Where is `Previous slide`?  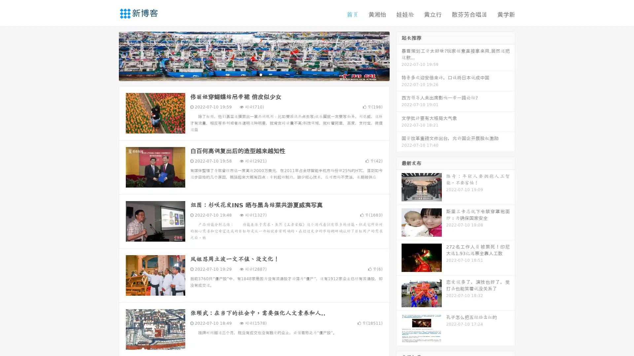
Previous slide is located at coordinates (109, 55).